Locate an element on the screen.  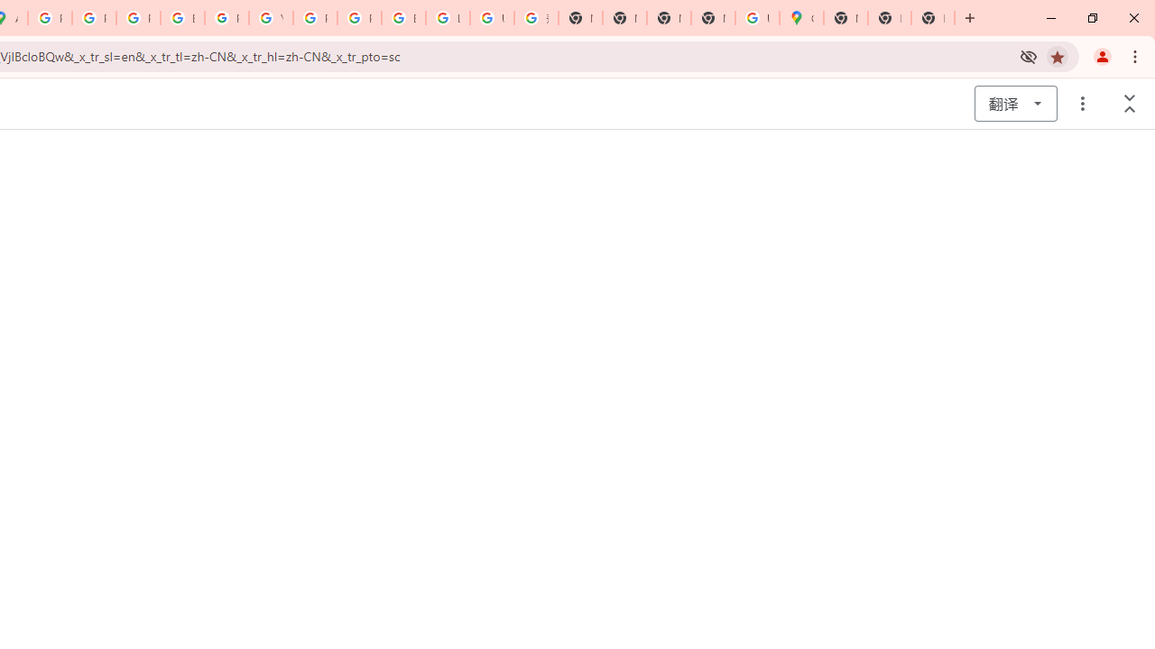
'Privacy Help Center - Policies Help' is located at coordinates (137, 18).